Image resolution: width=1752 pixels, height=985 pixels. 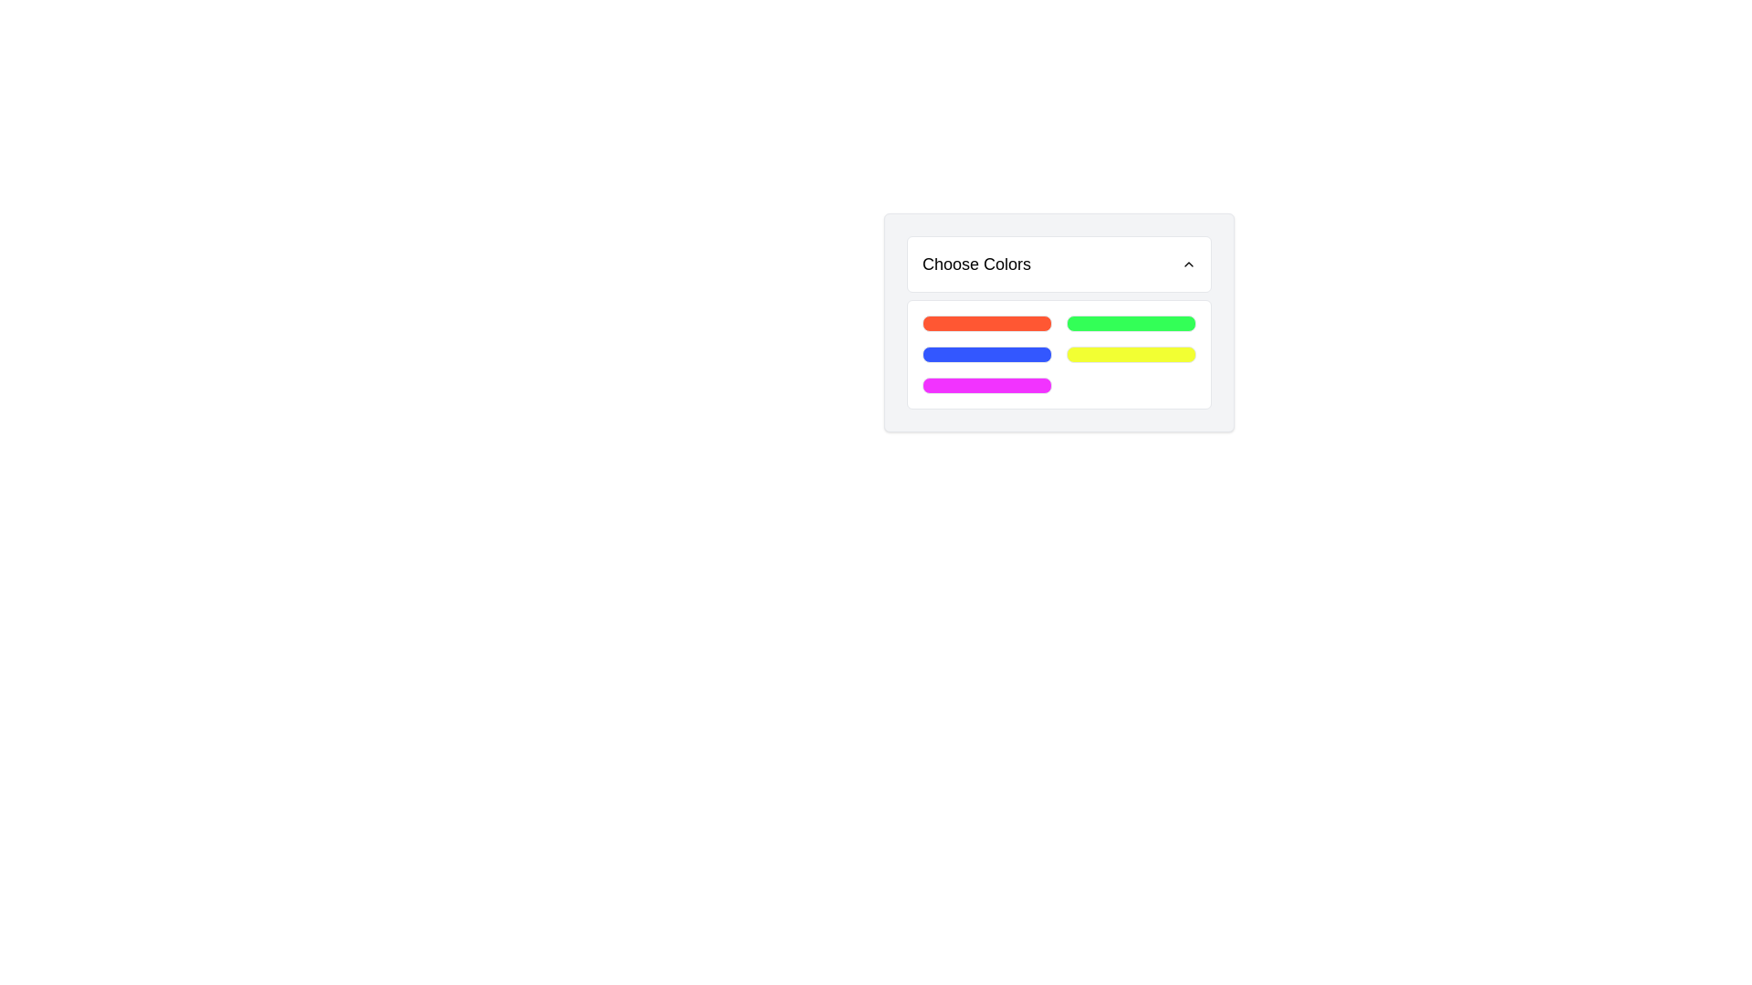 What do you see at coordinates (985, 322) in the screenshot?
I see `the first button in the 'Choose Colors' section` at bounding box center [985, 322].